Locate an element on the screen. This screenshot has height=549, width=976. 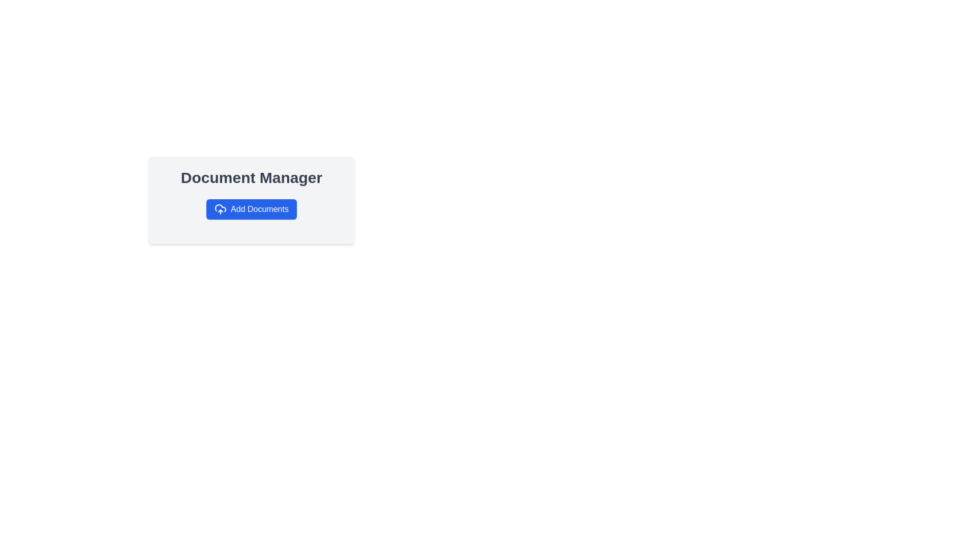
the 'Document Manager' header label, which is a prominent static text element displayed in a large, bold font with a dark gray color, positioned at the top of a card-like frame is located at coordinates (251, 177).